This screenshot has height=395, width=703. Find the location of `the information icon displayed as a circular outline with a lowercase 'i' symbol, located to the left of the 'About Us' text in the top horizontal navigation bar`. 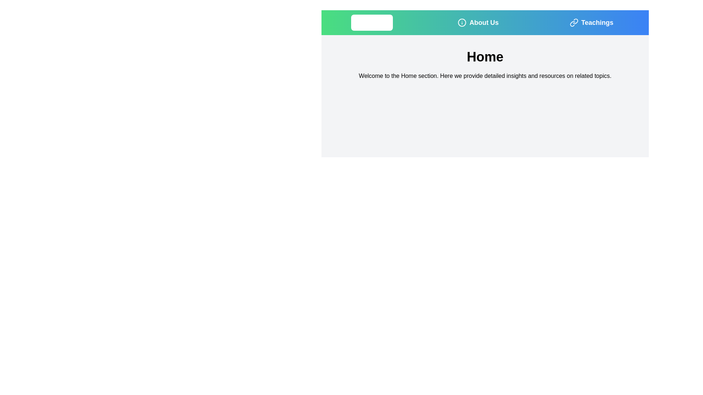

the information icon displayed as a circular outline with a lowercase 'i' symbol, located to the left of the 'About Us' text in the top horizontal navigation bar is located at coordinates (462, 22).